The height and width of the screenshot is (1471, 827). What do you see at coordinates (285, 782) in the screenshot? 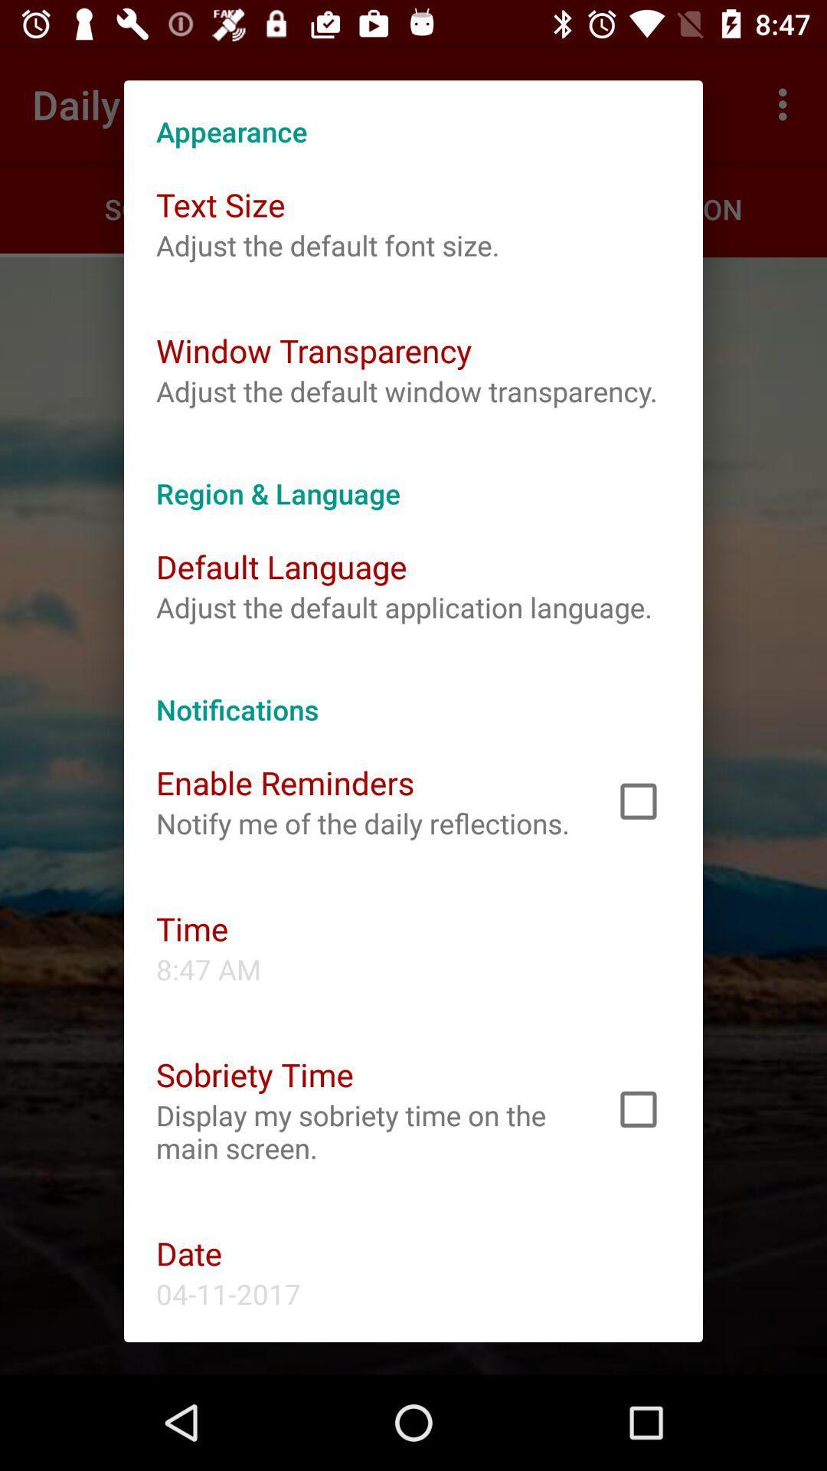
I see `the icon below notifications` at bounding box center [285, 782].